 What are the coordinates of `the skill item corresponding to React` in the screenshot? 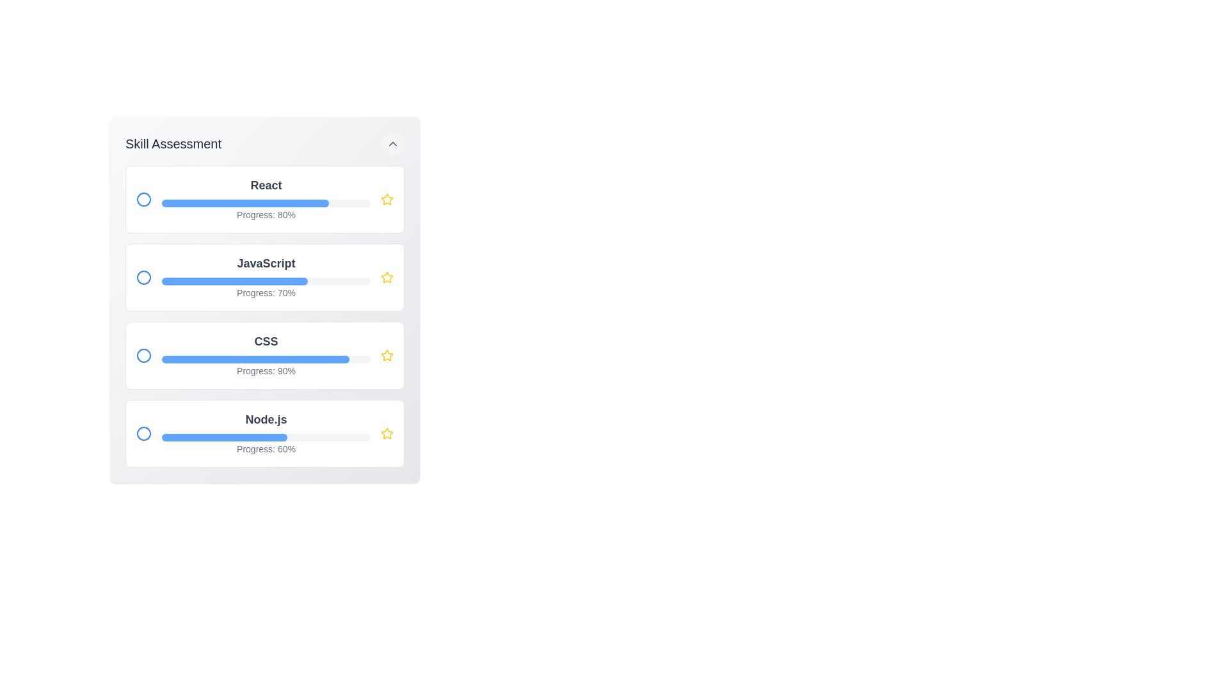 It's located at (264, 200).